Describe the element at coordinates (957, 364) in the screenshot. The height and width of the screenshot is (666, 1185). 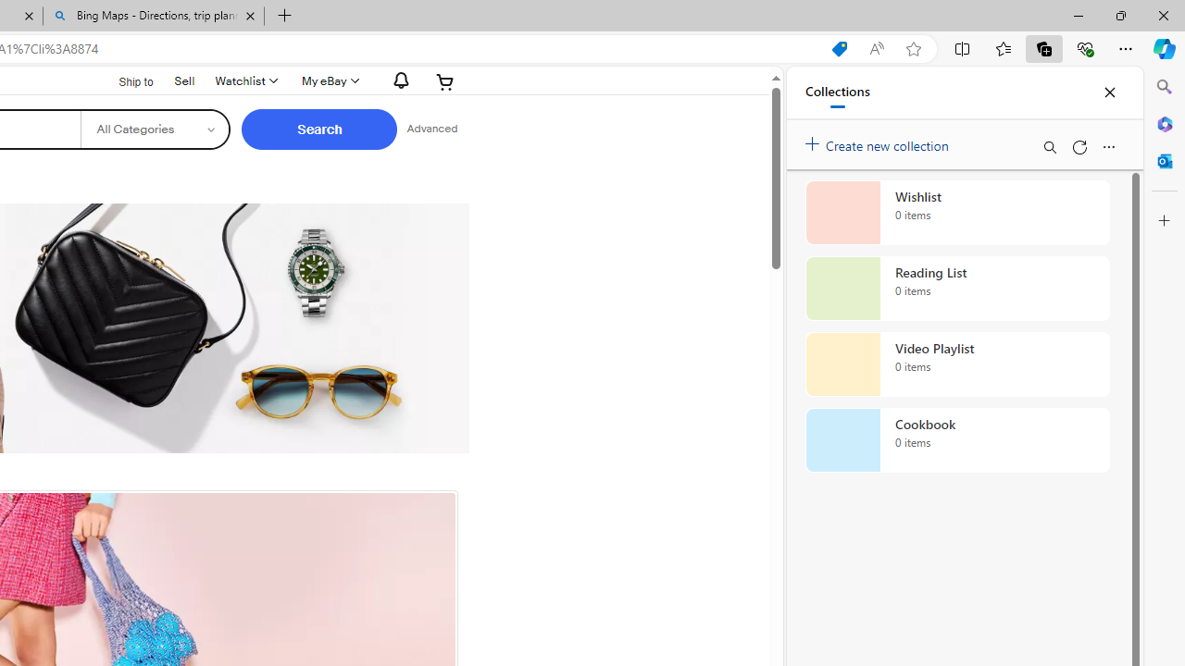
I see `'Video Playlist collection, 0 items'` at that location.